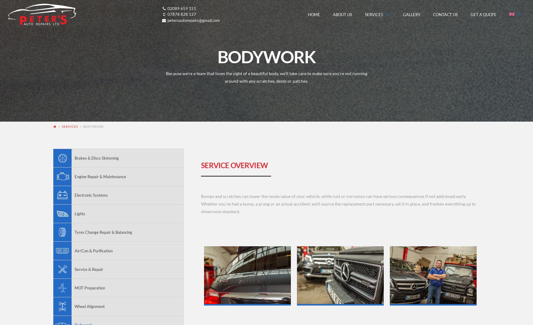 The image size is (533, 325). Describe the element at coordinates (97, 157) in the screenshot. I see `'Brakes & Discs Skimming'` at that location.